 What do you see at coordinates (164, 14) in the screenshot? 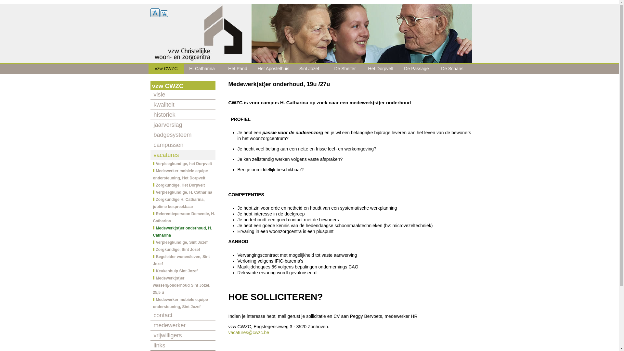
I see `'A'` at bounding box center [164, 14].